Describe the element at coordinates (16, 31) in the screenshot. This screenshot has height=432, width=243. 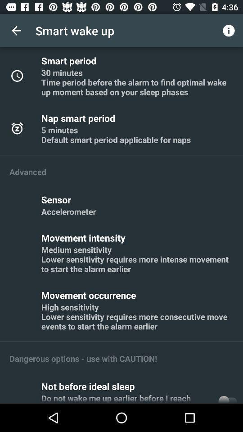
I see `the icon next to smart wake up app` at that location.